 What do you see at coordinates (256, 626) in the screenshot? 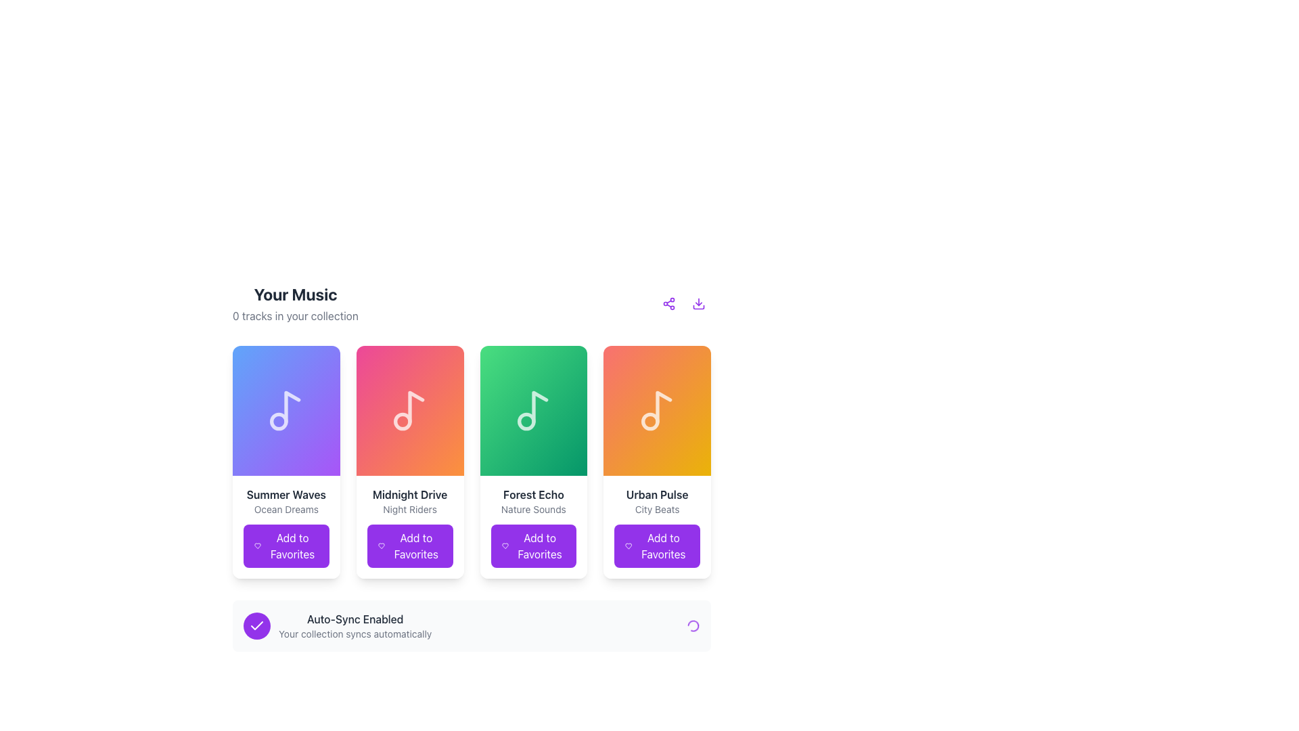
I see `the status indicated by the white checkmark icon within the purple circular background located to the immediate left of the text 'Auto-Sync Enabled'` at bounding box center [256, 626].